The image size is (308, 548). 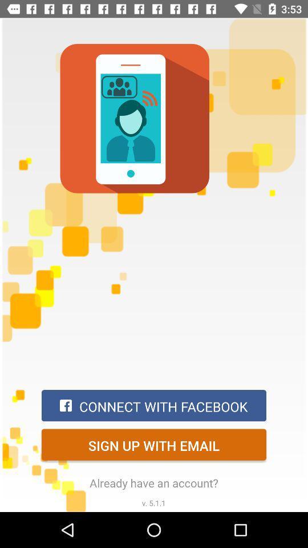 What do you see at coordinates (154, 444) in the screenshot?
I see `item below connect with facebook` at bounding box center [154, 444].